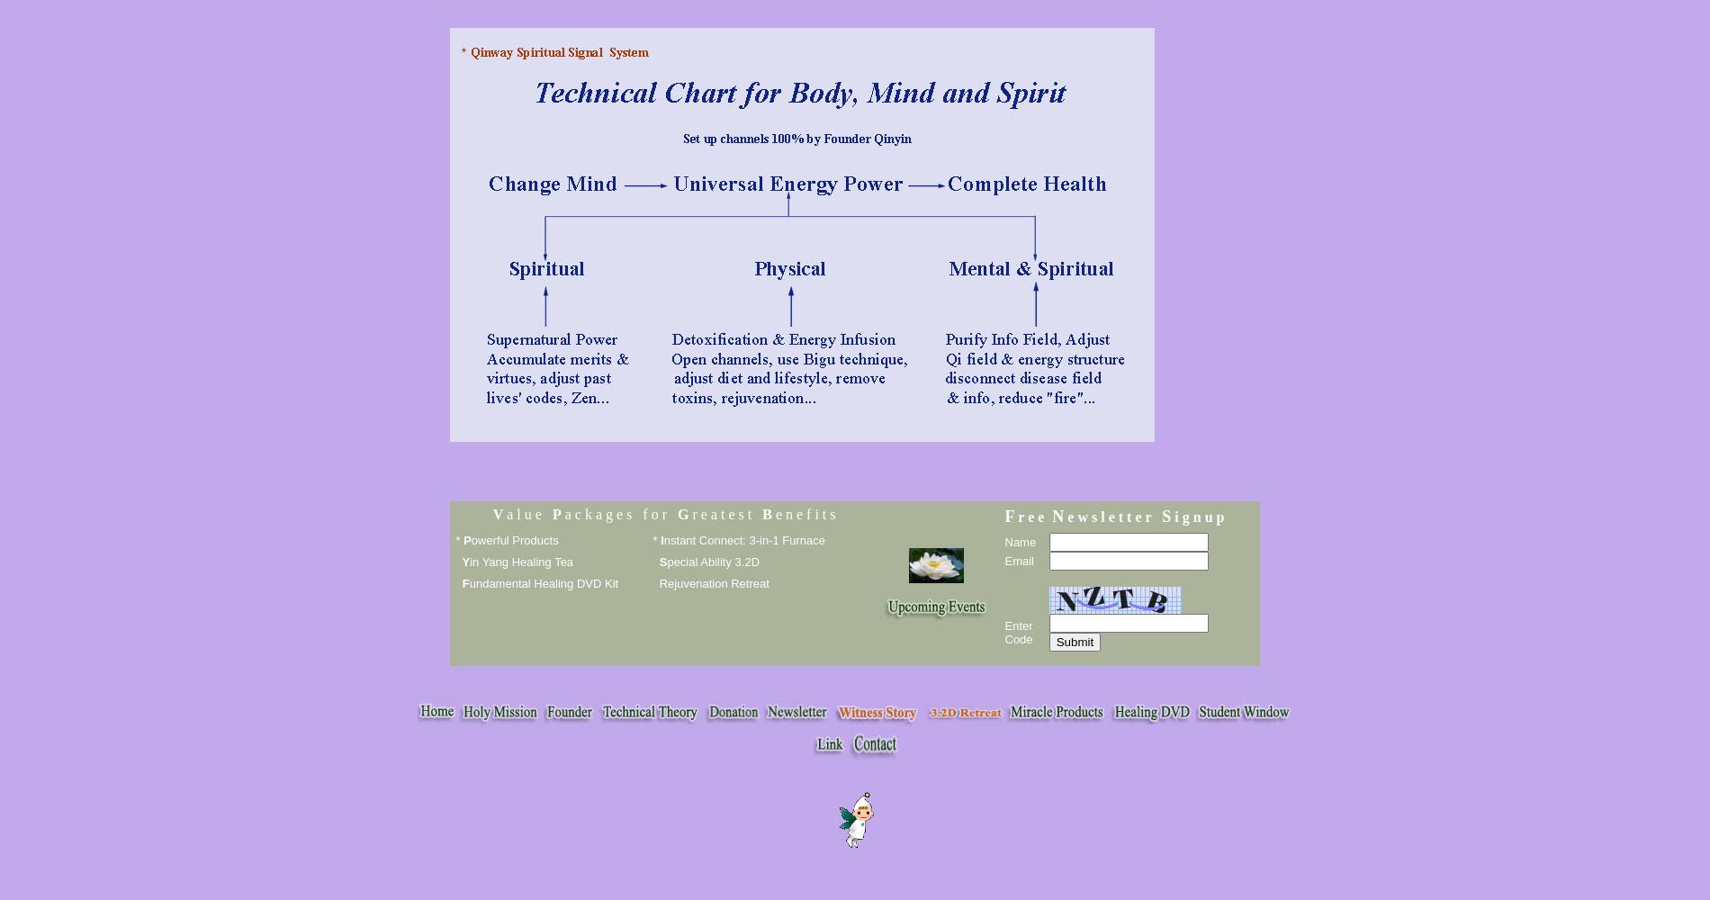 The image size is (1710, 900). Describe the element at coordinates (618, 512) in the screenshot. I see `'a c k a g e s   f 

                      o r'` at that location.